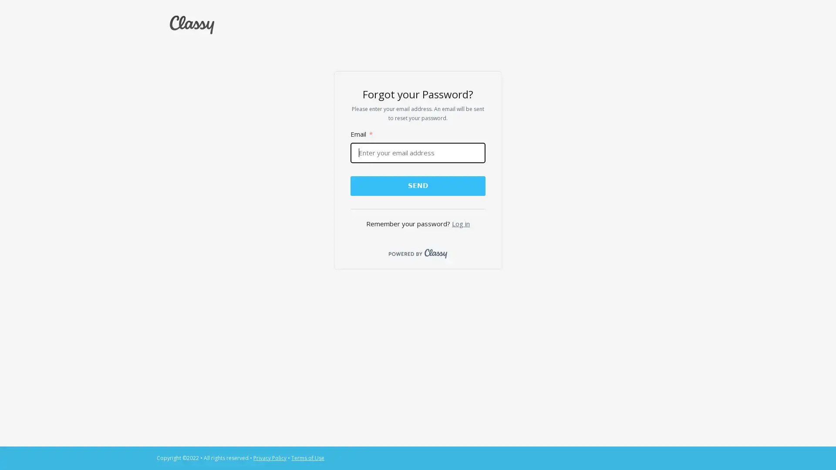  I want to click on SEND, so click(417, 185).